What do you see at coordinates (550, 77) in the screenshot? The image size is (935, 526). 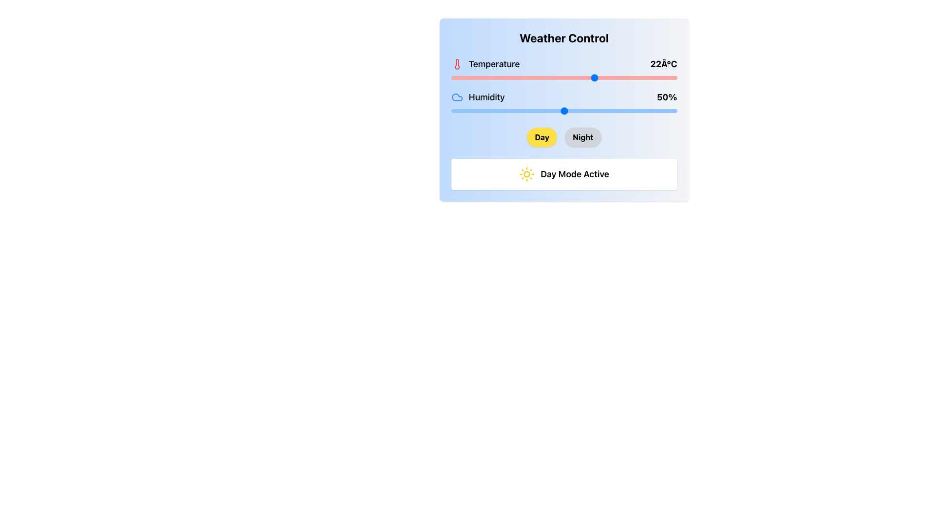 I see `the temperature` at bounding box center [550, 77].